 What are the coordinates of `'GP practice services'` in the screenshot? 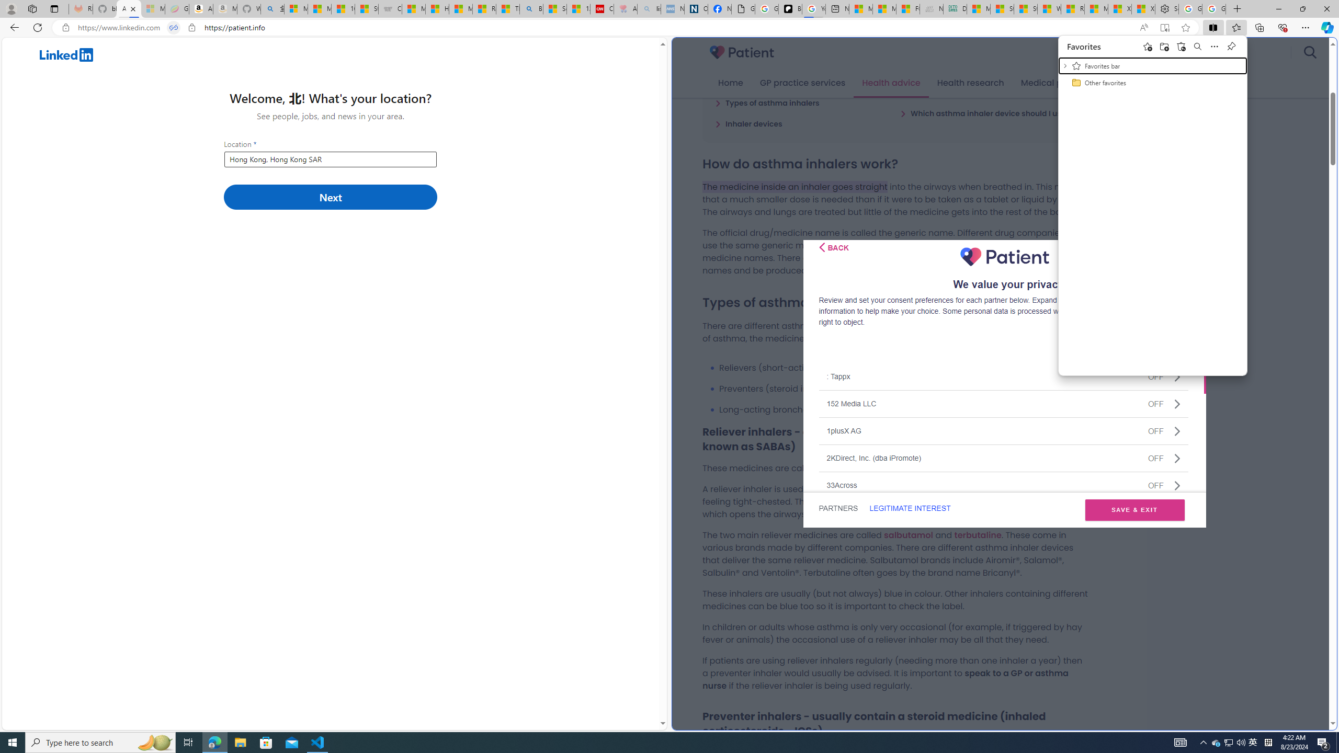 It's located at (802, 83).